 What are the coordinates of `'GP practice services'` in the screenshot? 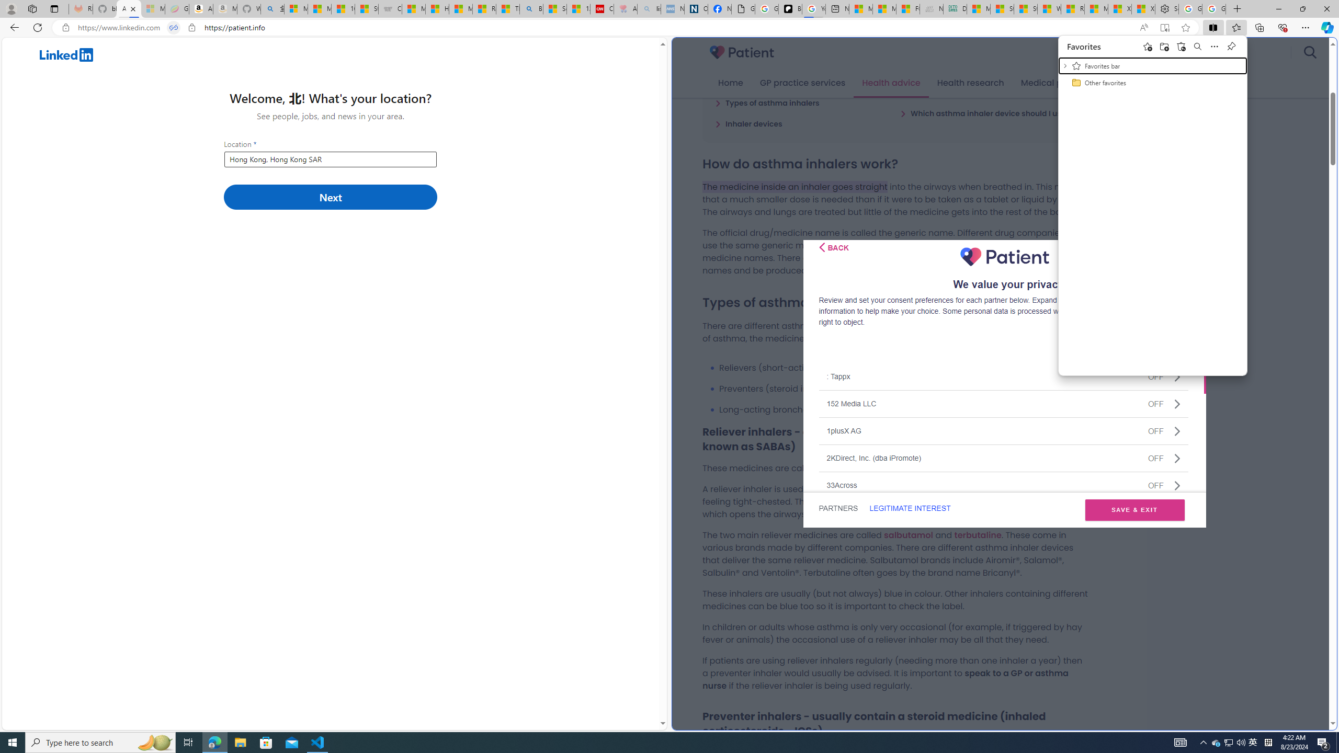 It's located at (802, 83).